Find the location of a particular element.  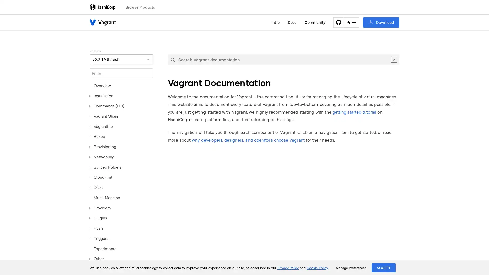

Disks is located at coordinates (97, 187).